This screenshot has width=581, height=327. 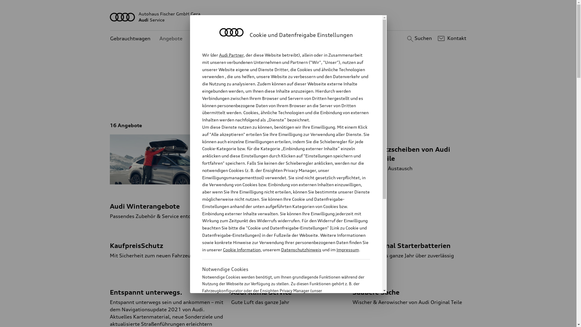 I want to click on 'Impressum', so click(x=336, y=249).